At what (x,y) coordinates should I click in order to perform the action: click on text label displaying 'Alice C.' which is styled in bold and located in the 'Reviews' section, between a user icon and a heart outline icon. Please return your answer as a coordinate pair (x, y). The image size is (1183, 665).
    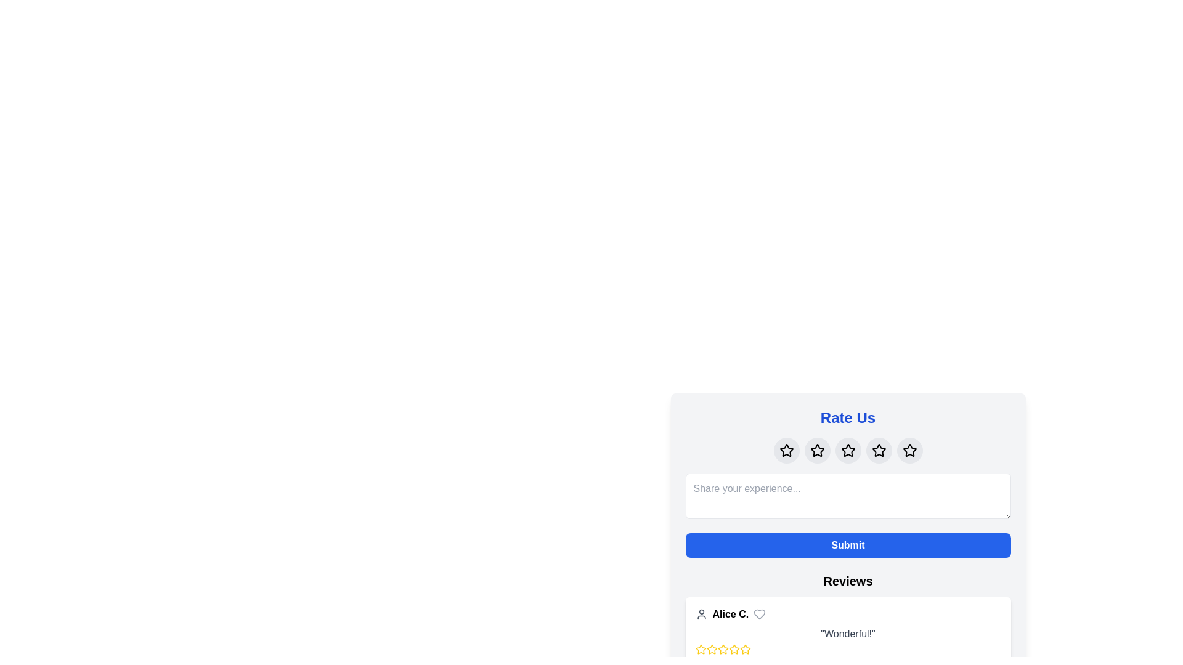
    Looking at the image, I should click on (730, 615).